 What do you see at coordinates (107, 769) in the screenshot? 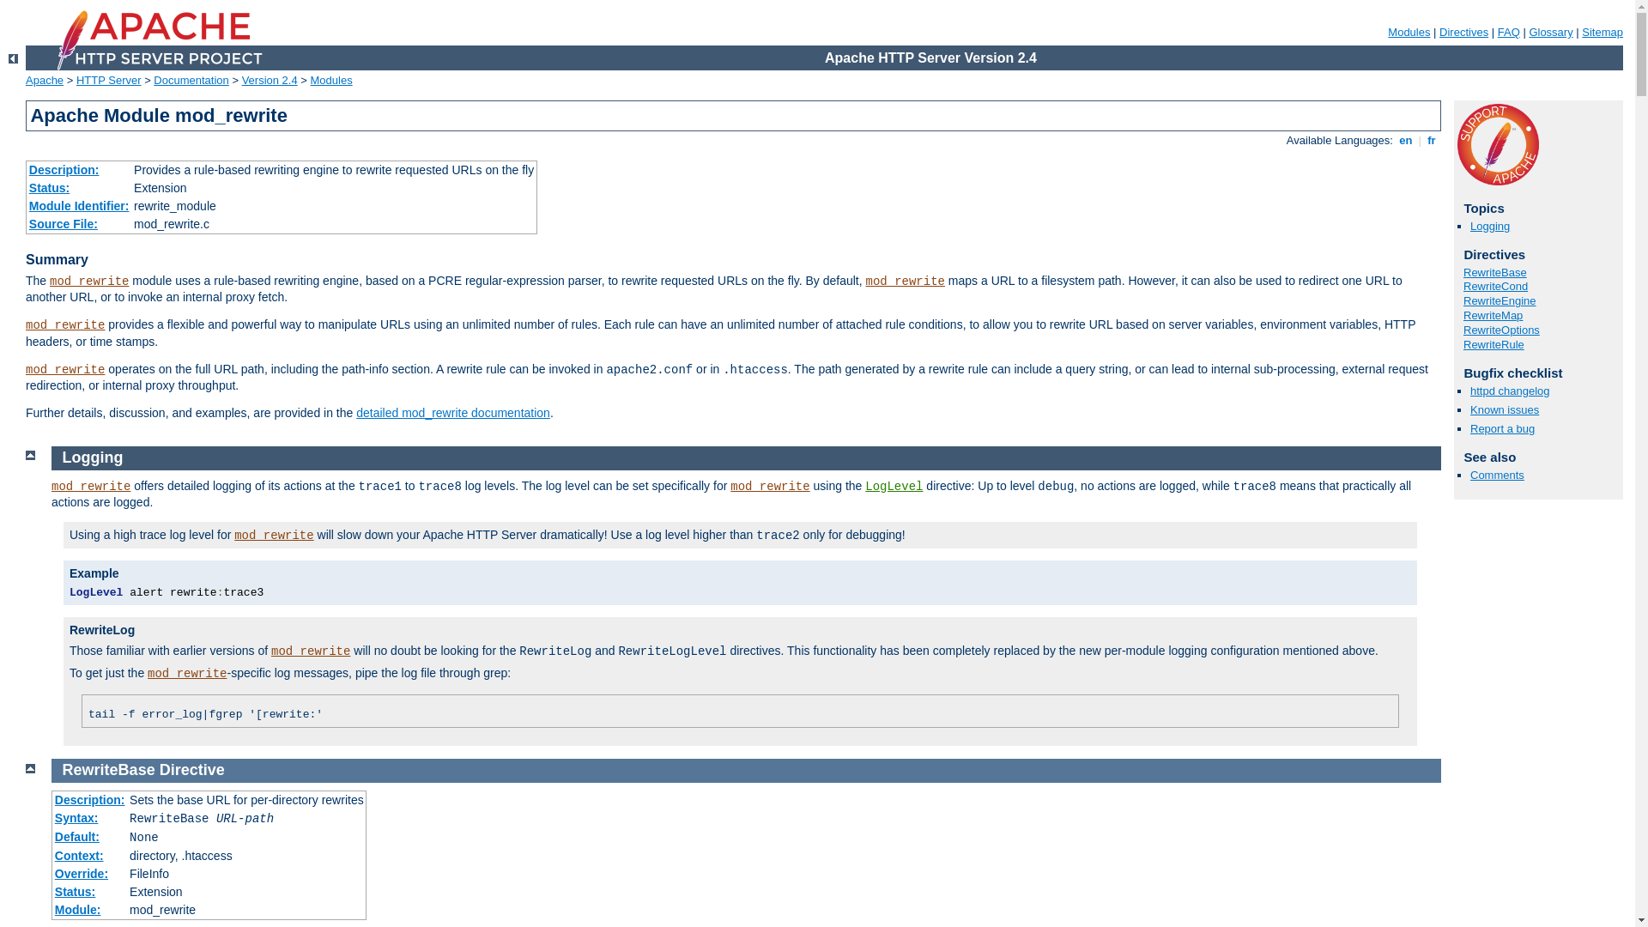
I see `'RewriteBase'` at bounding box center [107, 769].